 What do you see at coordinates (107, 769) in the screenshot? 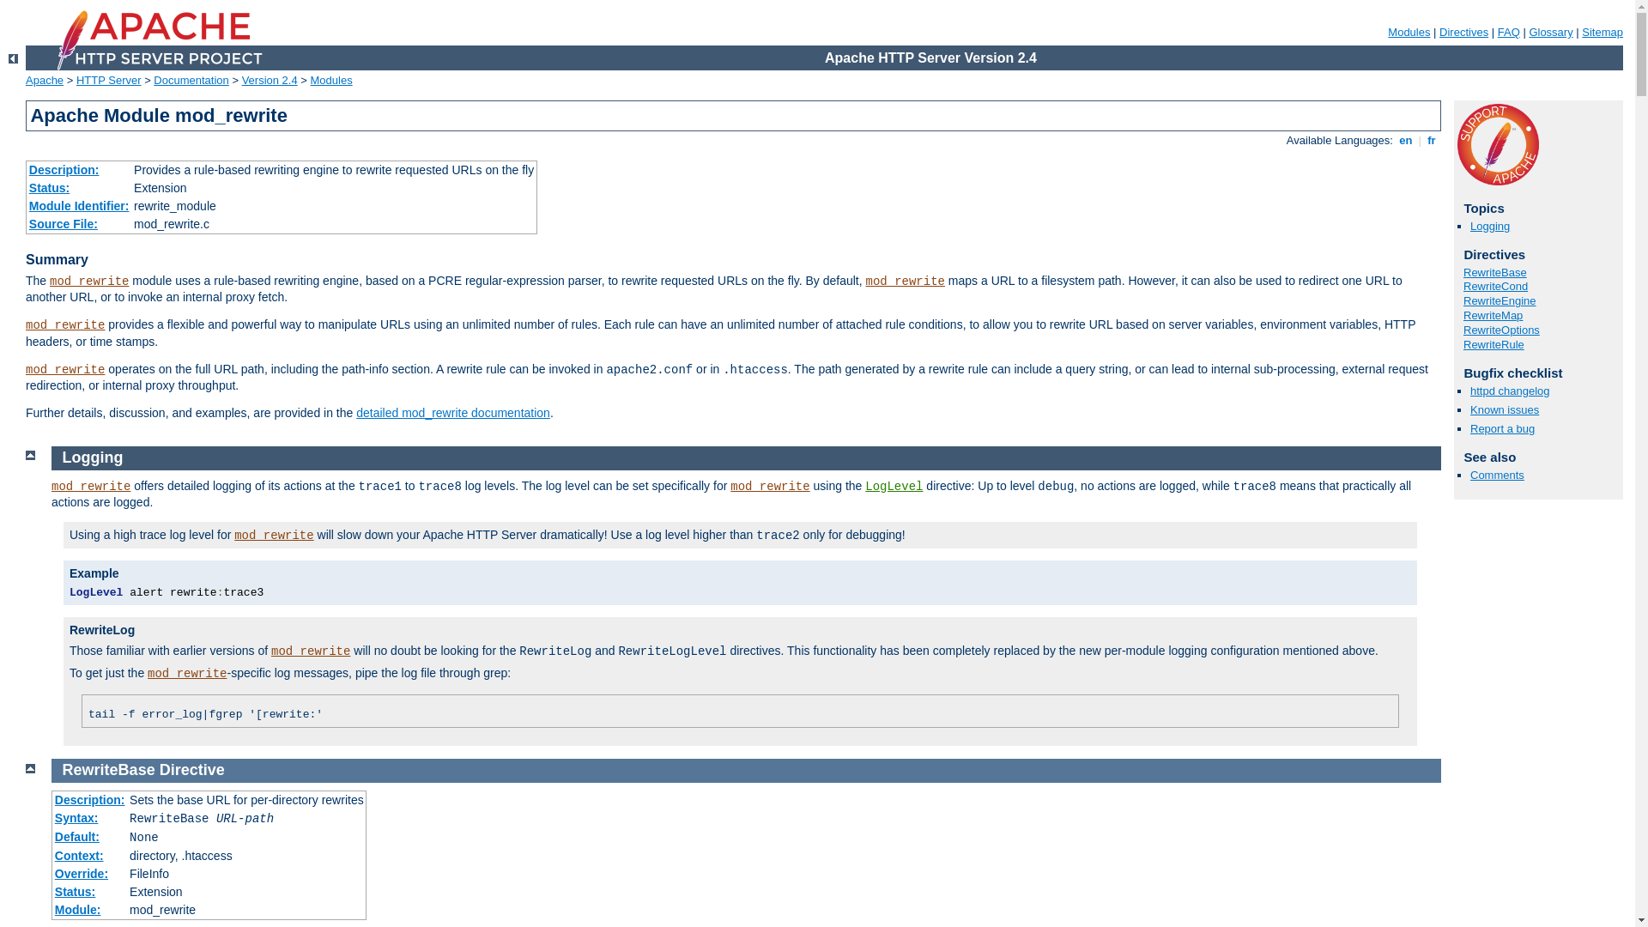
I see `'RewriteBase'` at bounding box center [107, 769].